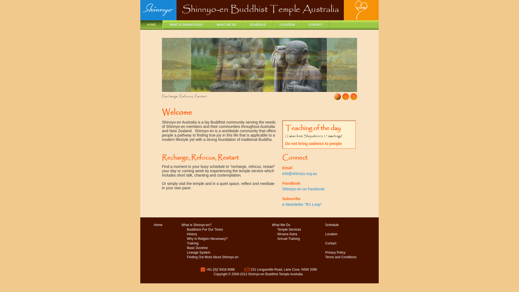 The image size is (519, 292). Describe the element at coordinates (302, 204) in the screenshot. I see `'e-Newsletter "B's Loop"'` at that location.